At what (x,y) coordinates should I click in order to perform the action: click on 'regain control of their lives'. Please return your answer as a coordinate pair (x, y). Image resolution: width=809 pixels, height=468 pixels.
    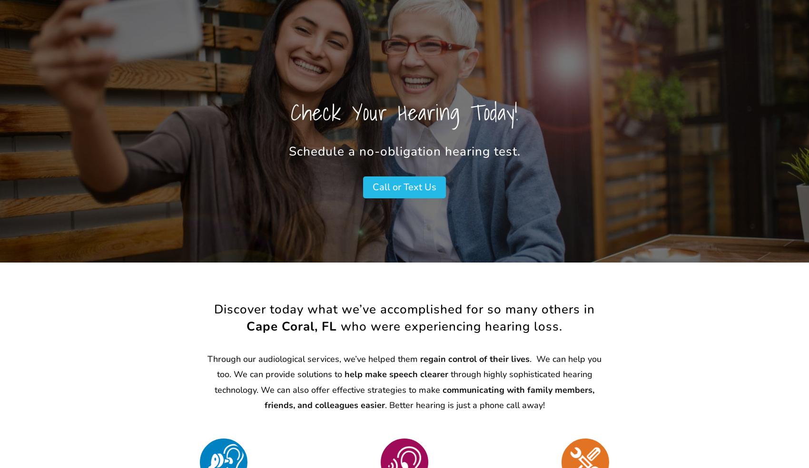
    Looking at the image, I should click on (474, 358).